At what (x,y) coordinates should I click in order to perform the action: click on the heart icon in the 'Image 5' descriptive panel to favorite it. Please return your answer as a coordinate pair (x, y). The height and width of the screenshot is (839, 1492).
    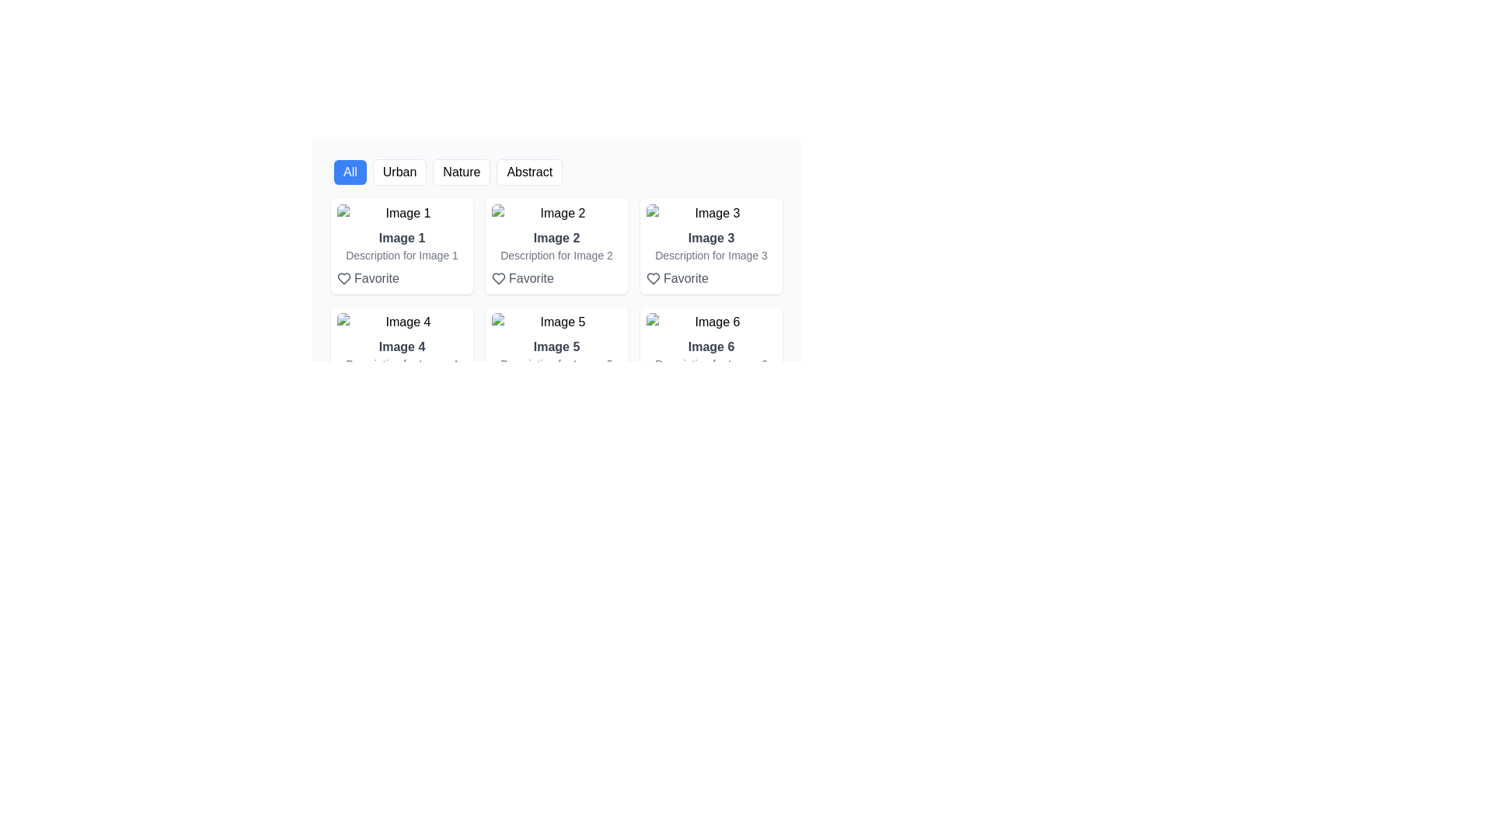
    Looking at the image, I should click on (556, 367).